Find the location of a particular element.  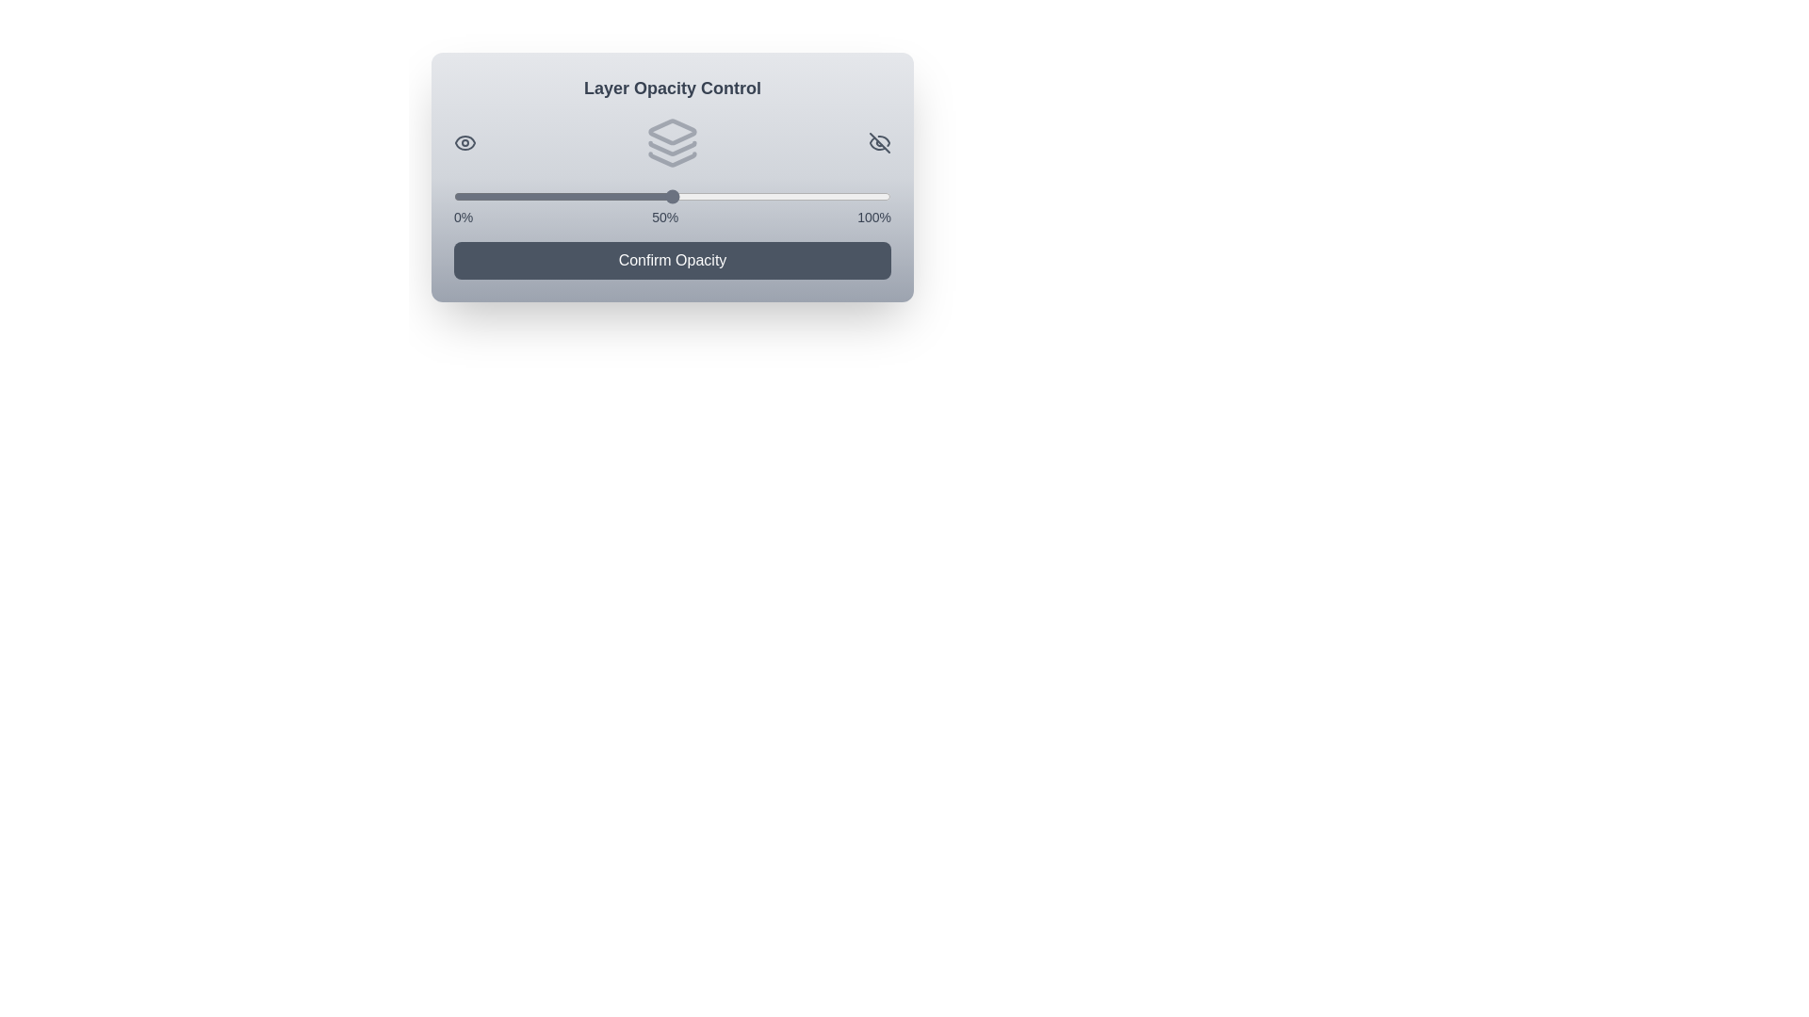

the EyeOff icon to interact with it is located at coordinates (879, 141).